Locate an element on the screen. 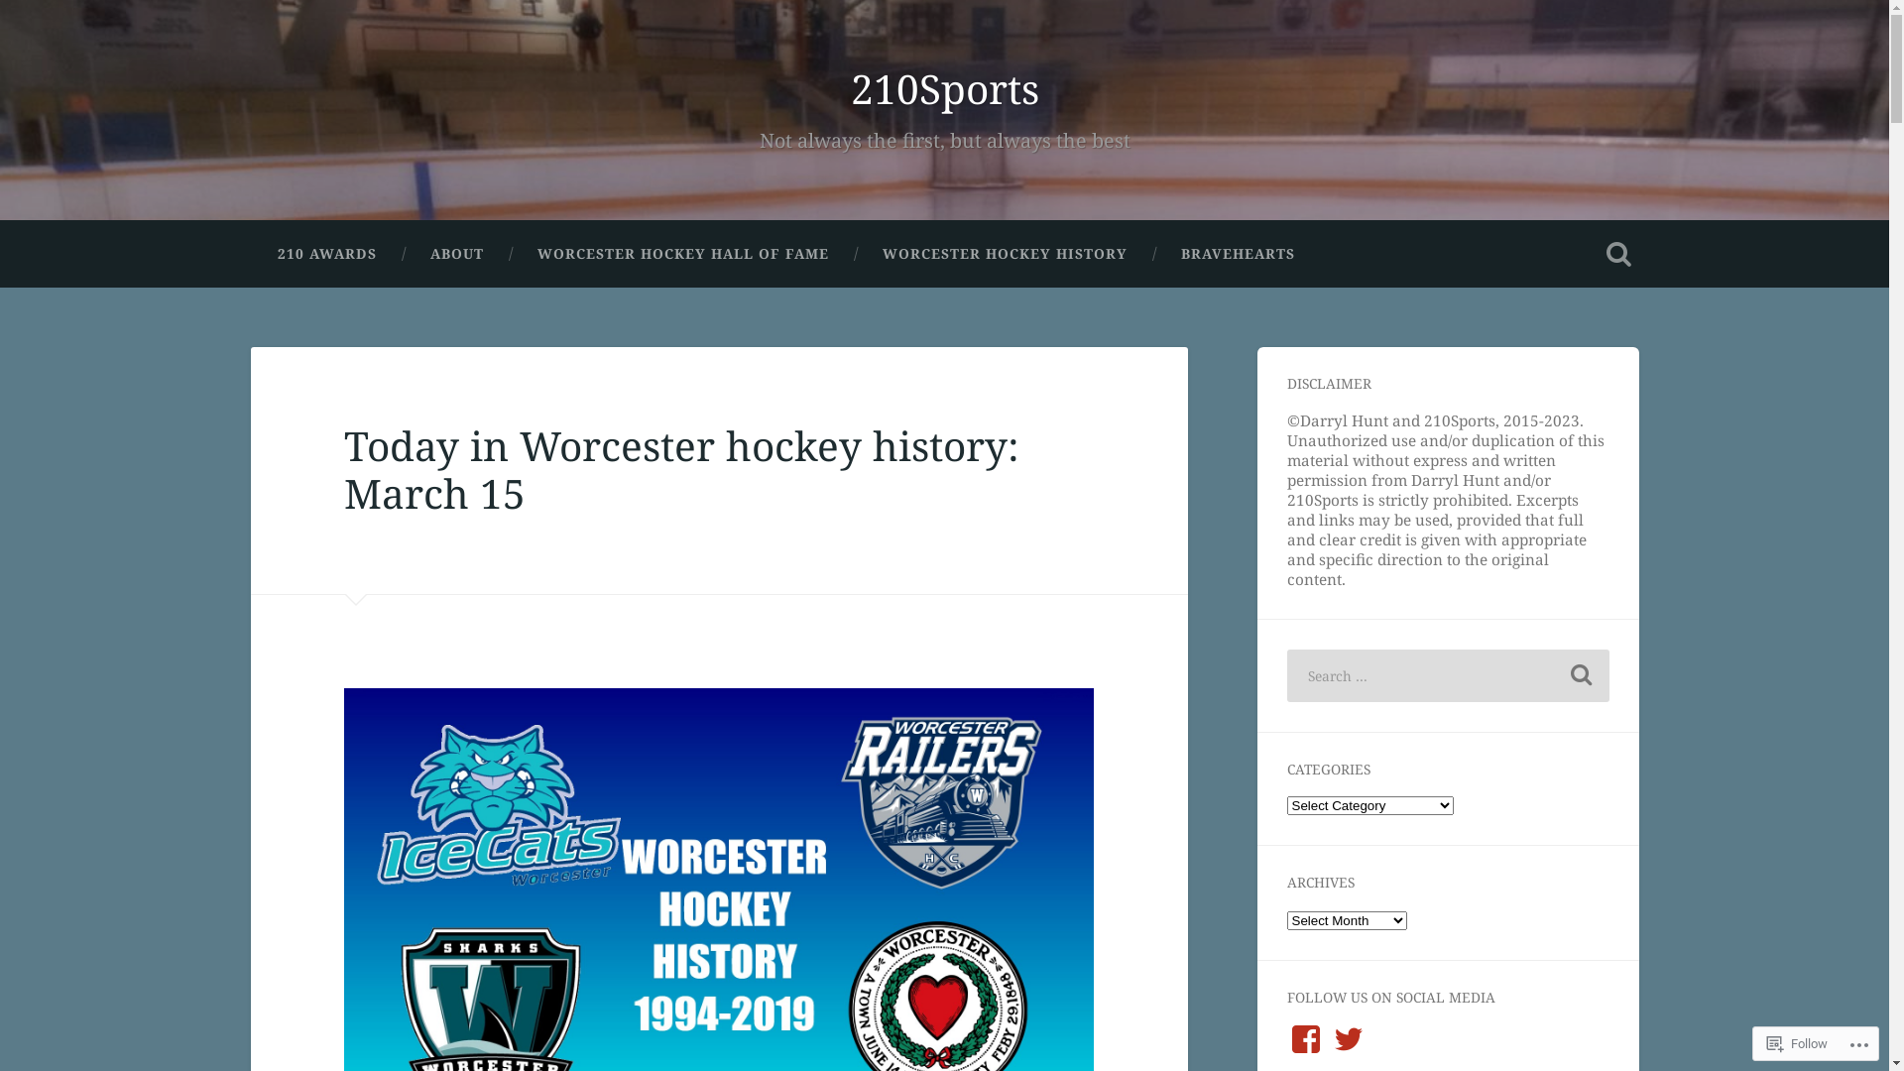 The height and width of the screenshot is (1071, 1904). 'Follow' is located at coordinates (1797, 1042).